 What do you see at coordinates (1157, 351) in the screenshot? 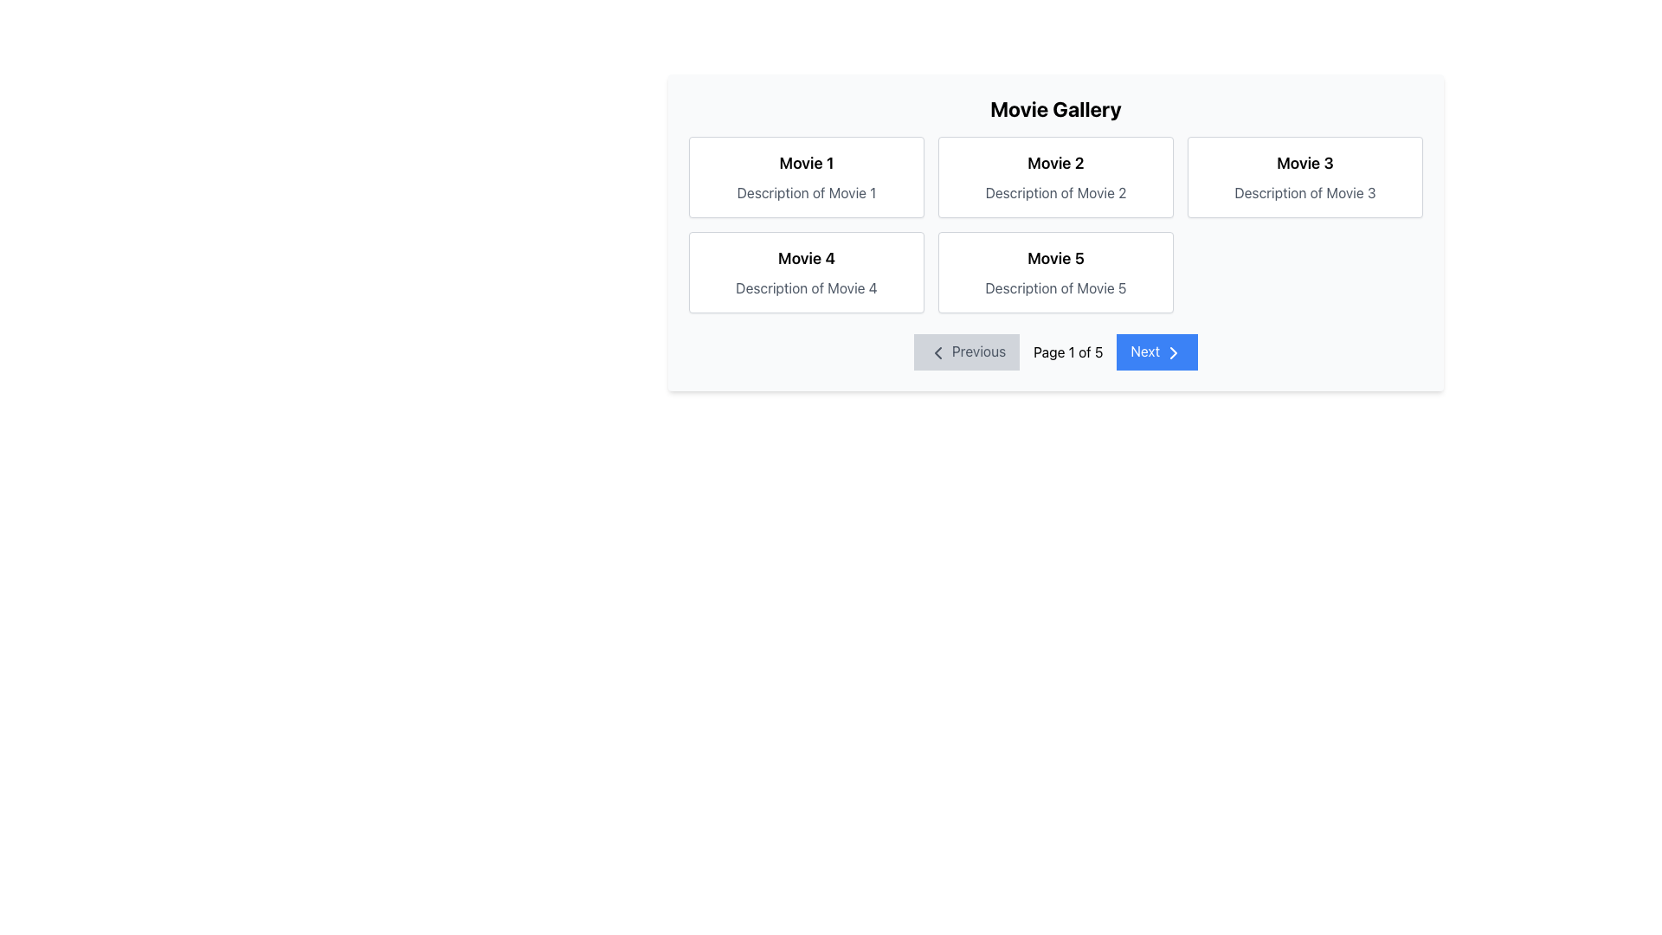
I see `the 'Next' button, which is a rectangular button with a blue background and white text located on the right side of the navigation bar` at bounding box center [1157, 351].